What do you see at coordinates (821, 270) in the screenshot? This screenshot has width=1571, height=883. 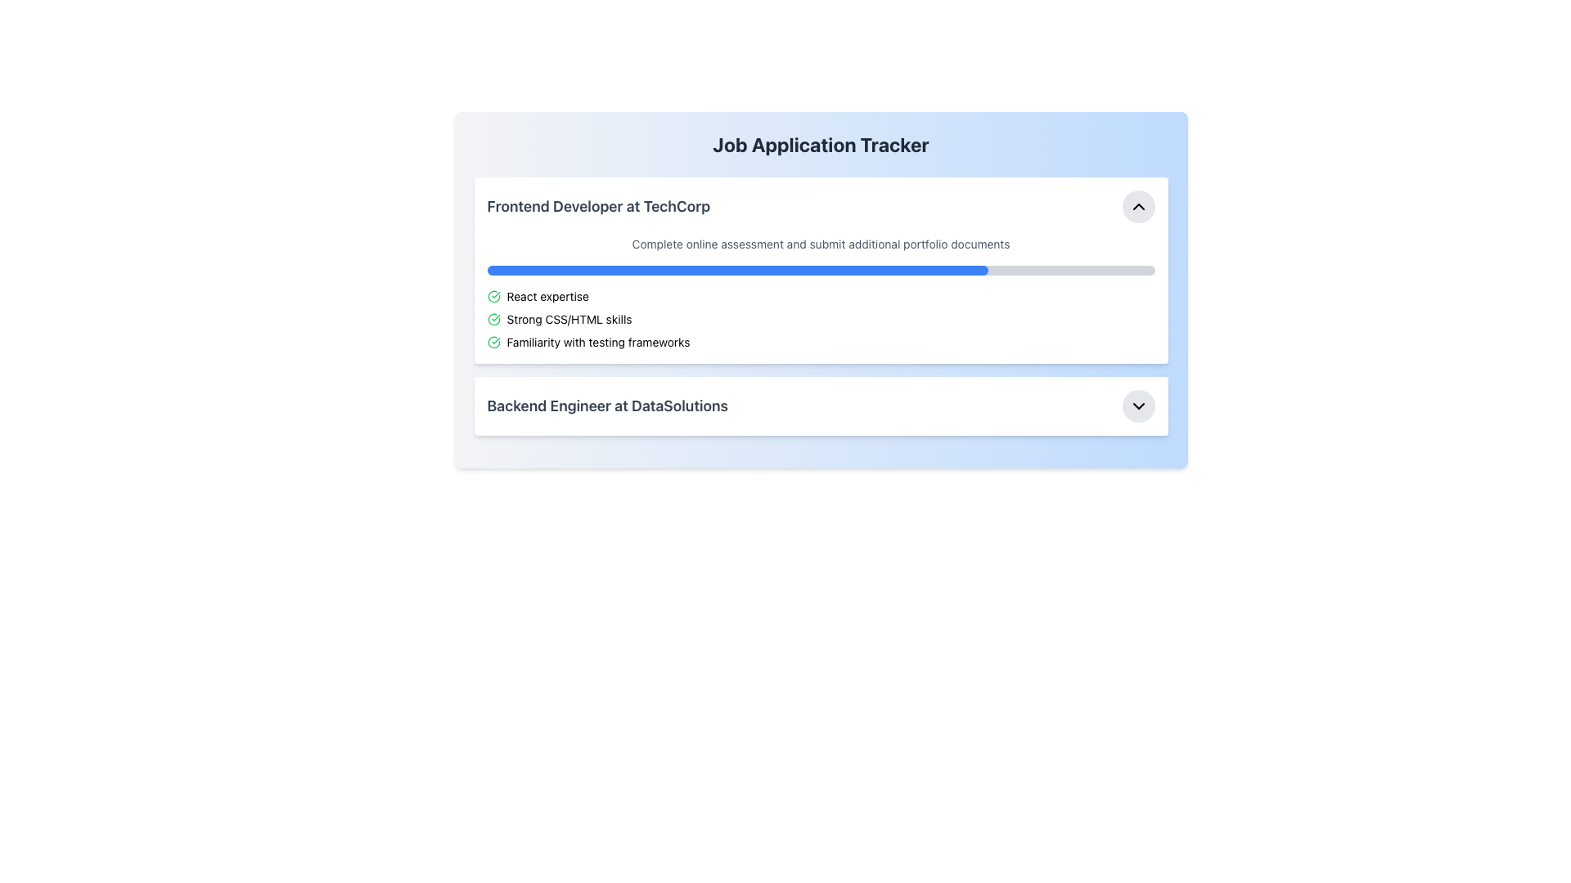 I see `the job position card labeled 'Frontend Developer at TechCorp'` at bounding box center [821, 270].